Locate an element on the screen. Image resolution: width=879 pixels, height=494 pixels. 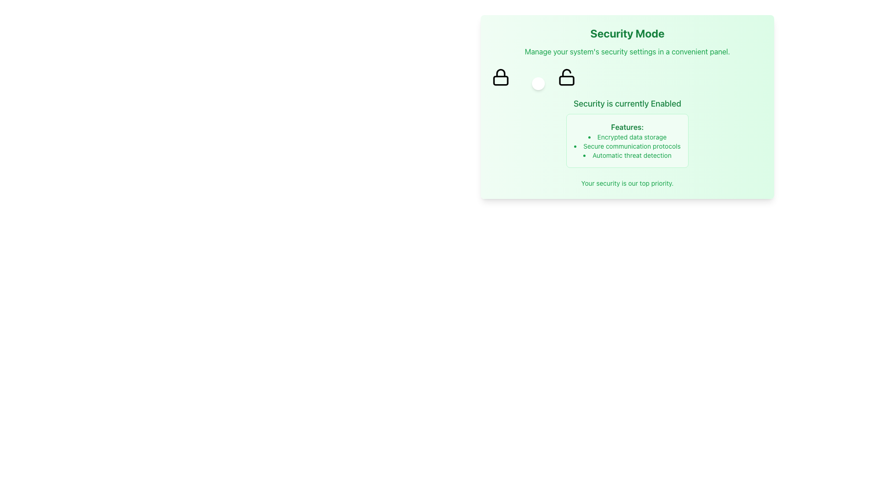
the text label 'Features:' which is styled in bold green font and located at the top of a light green box with a border is located at coordinates (627, 127).